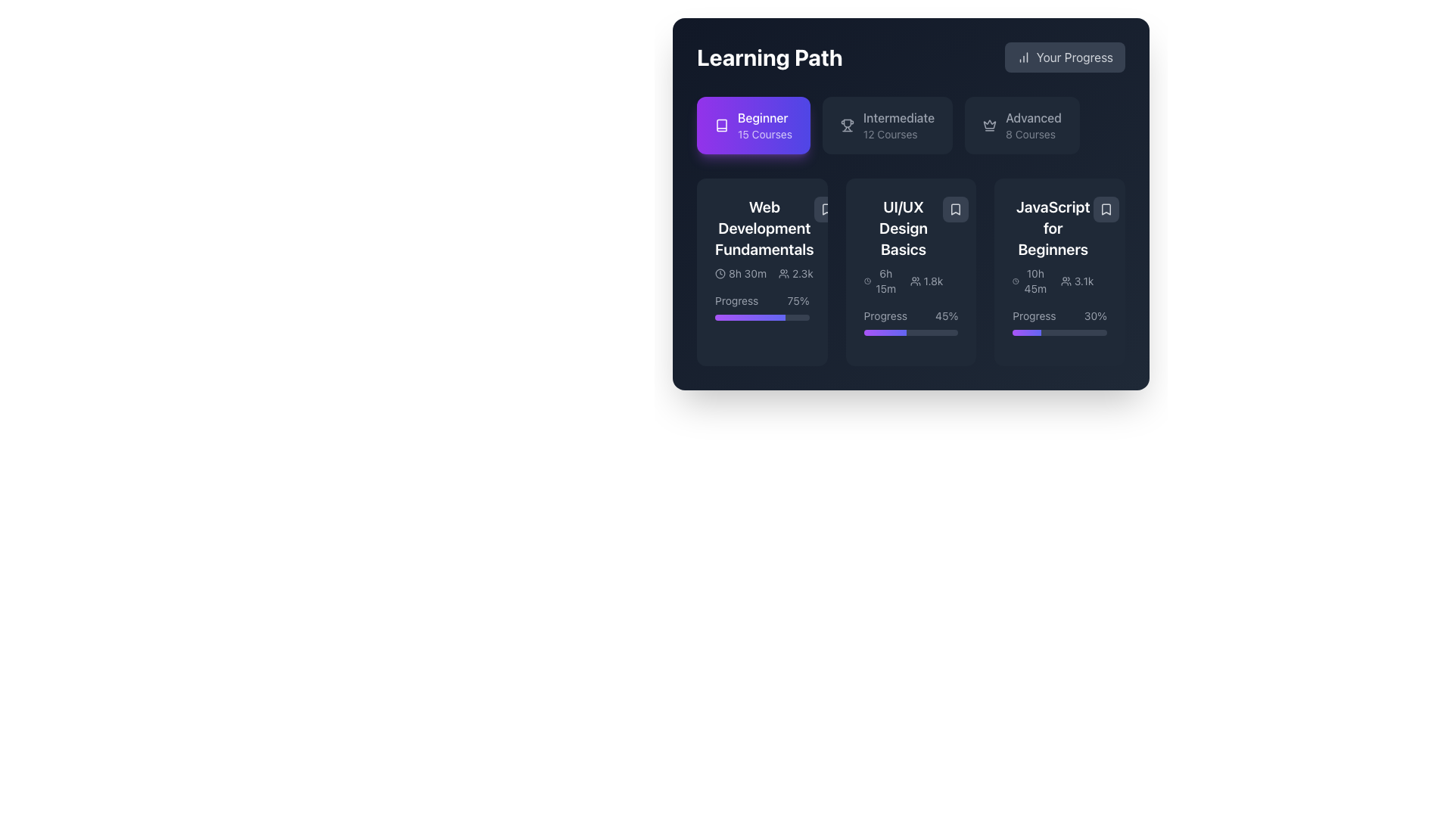 The width and height of the screenshot is (1453, 817). Describe the element at coordinates (736, 300) in the screenshot. I see `text label that reads 'Progress', which is styled in soft gray and located in the lower section of the 'Web Development Fundamentals' card, adjacent to the progress percentage indicator '75%.'` at that location.